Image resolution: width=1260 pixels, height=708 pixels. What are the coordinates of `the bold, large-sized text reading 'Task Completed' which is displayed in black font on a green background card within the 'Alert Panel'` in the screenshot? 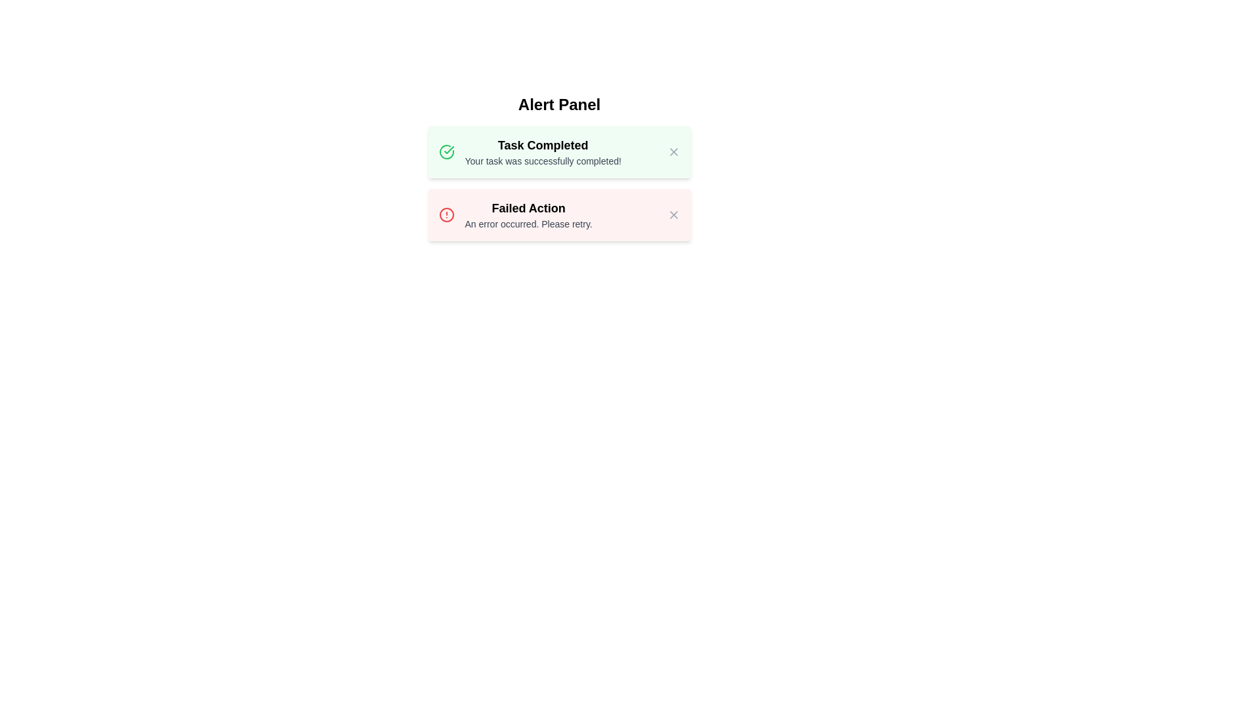 It's located at (543, 146).